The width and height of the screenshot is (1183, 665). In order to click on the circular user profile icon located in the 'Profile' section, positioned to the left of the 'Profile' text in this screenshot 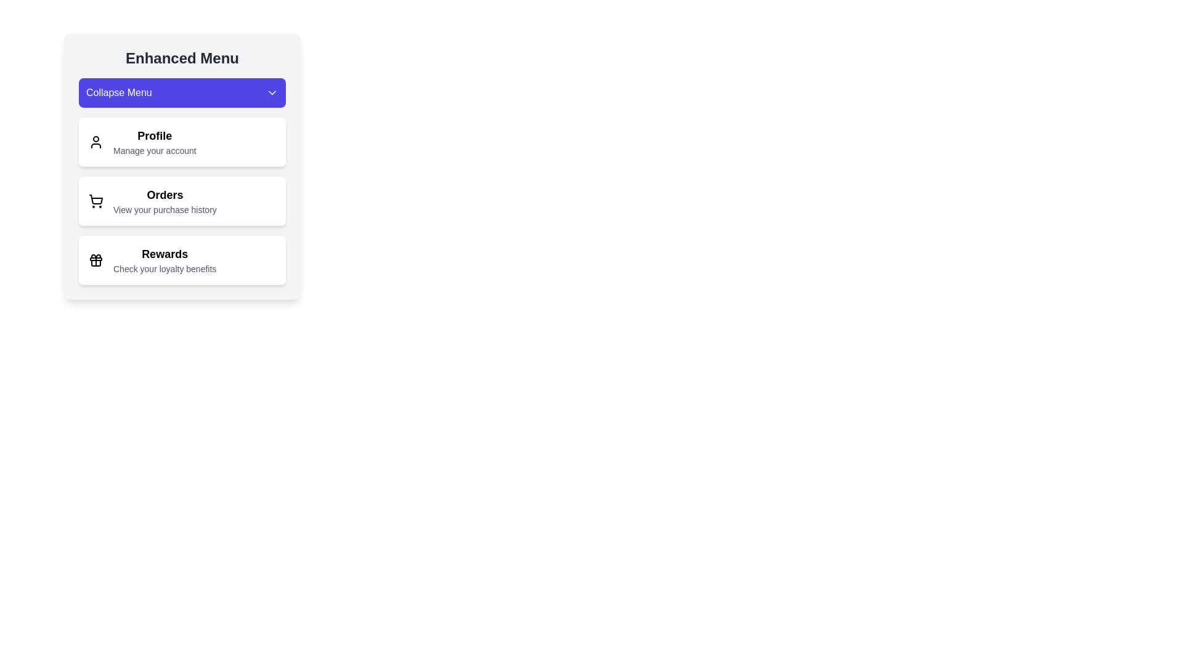, I will do `click(96, 142)`.